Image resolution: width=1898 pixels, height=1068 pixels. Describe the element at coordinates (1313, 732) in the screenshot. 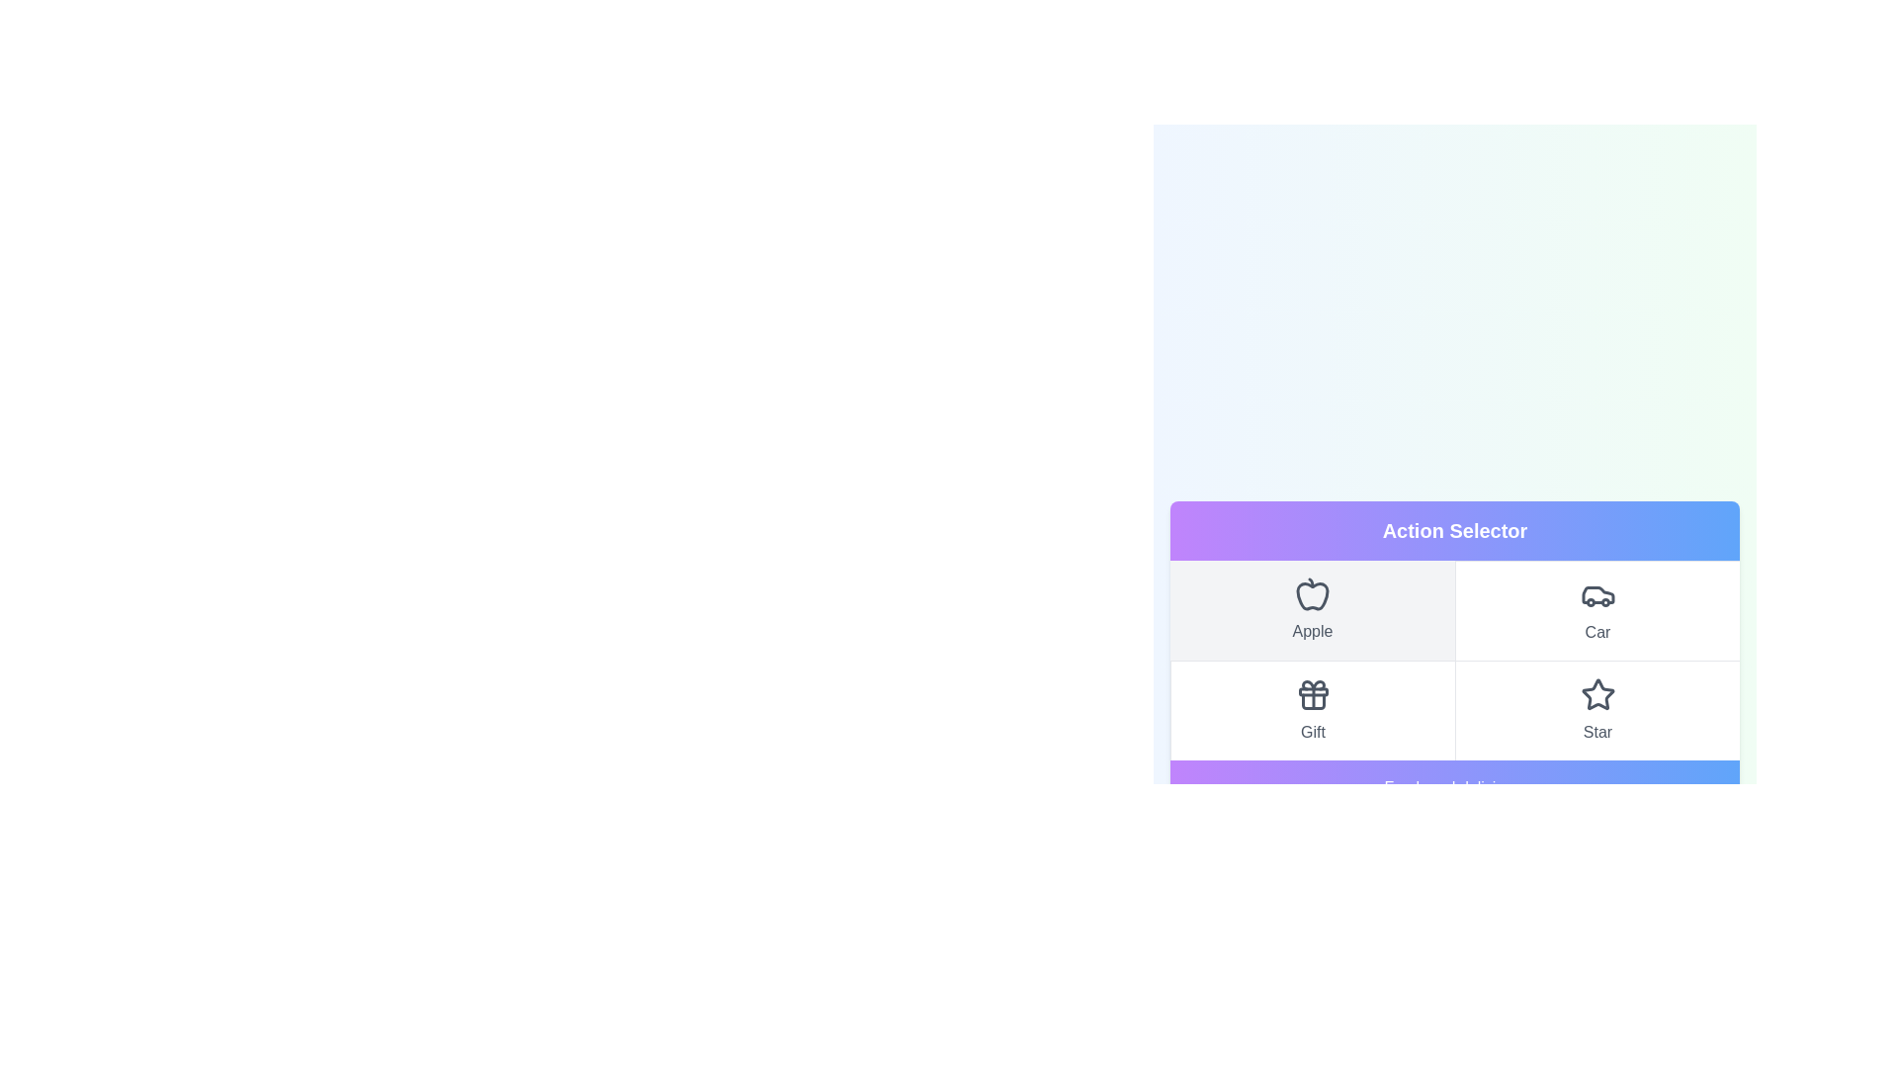

I see `the Text label located in the second row and first column of the grid, which describes the functionality of the associated gift icon` at that location.